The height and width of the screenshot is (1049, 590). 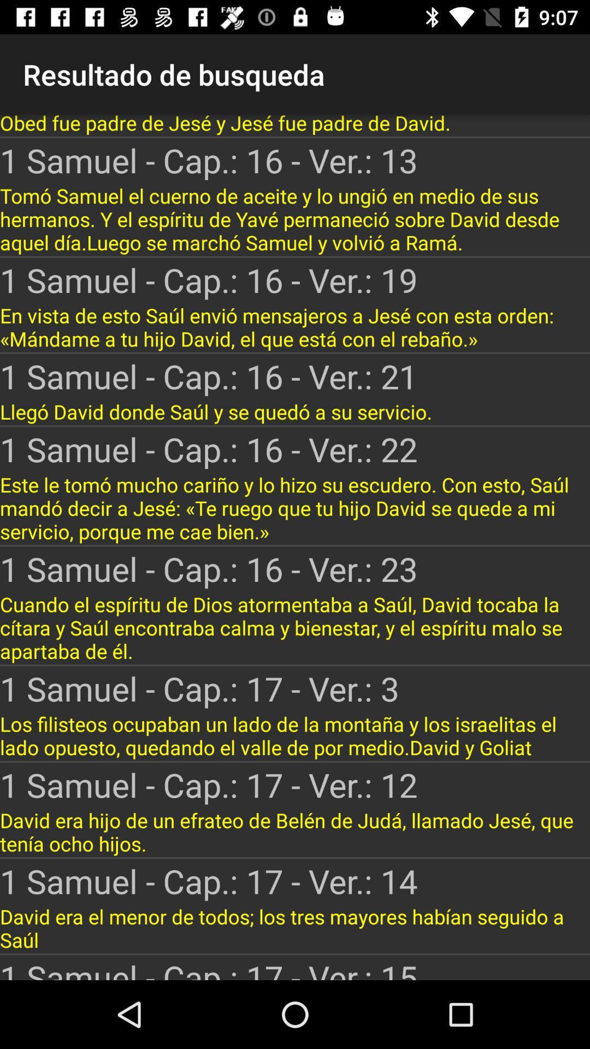 What do you see at coordinates (295, 735) in the screenshot?
I see `los filisteos ocupaban app` at bounding box center [295, 735].